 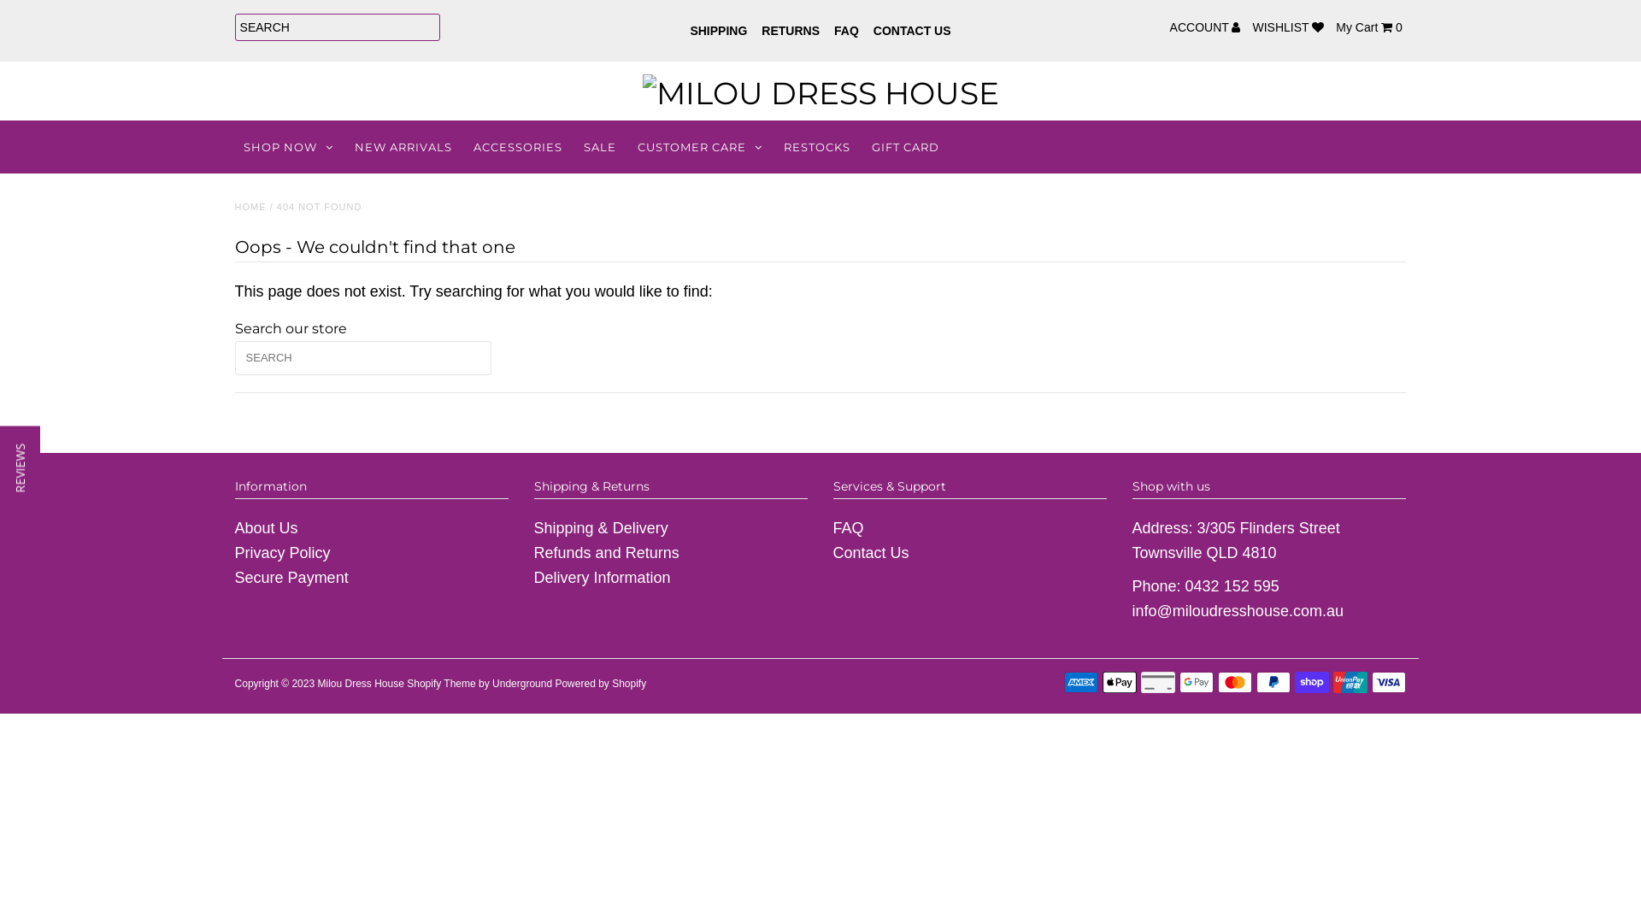 I want to click on 'WISHLIST', so click(x=1284, y=26).